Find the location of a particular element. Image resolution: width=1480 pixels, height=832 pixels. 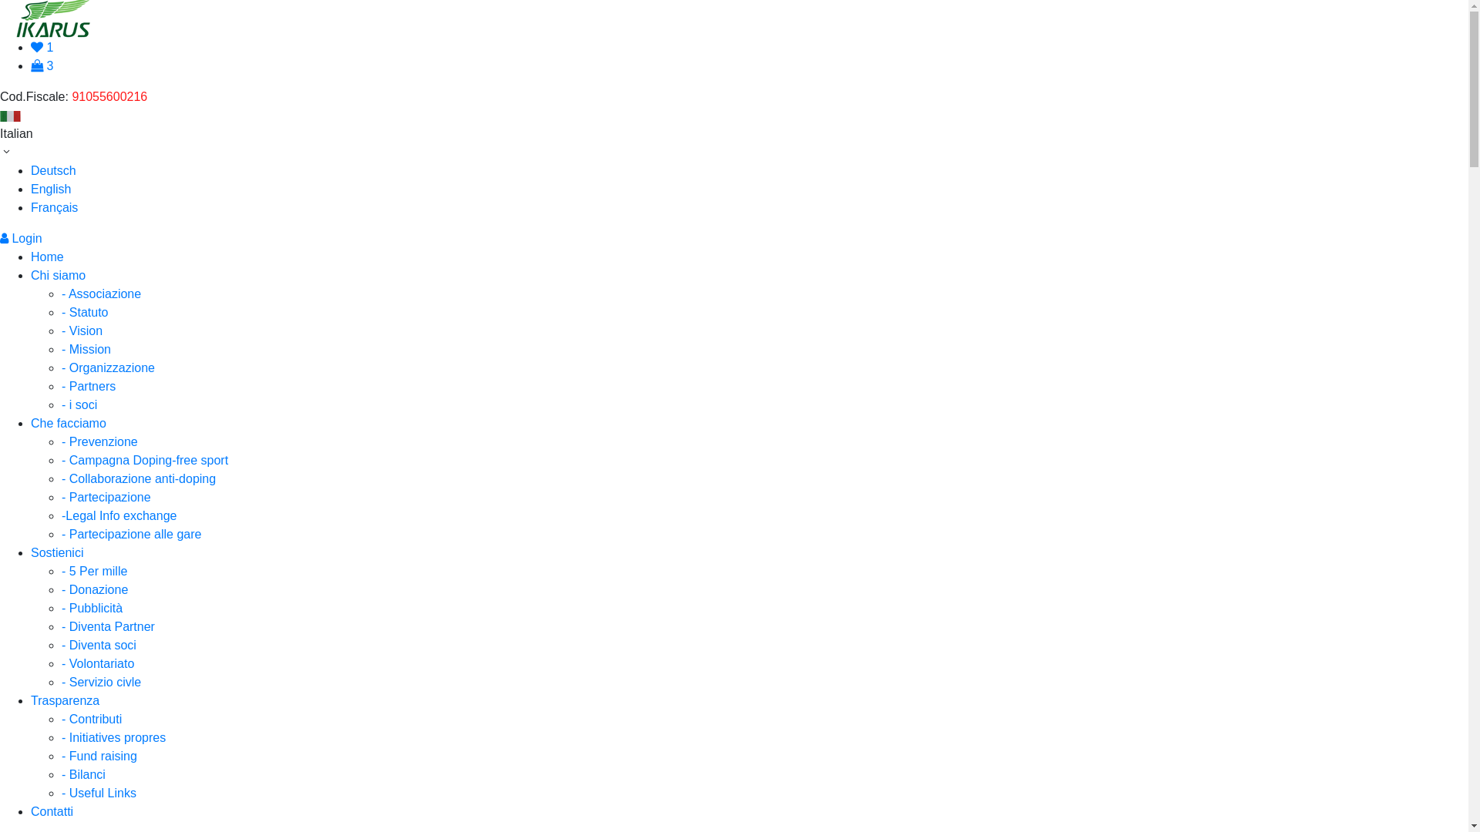

'Home' is located at coordinates (47, 256).